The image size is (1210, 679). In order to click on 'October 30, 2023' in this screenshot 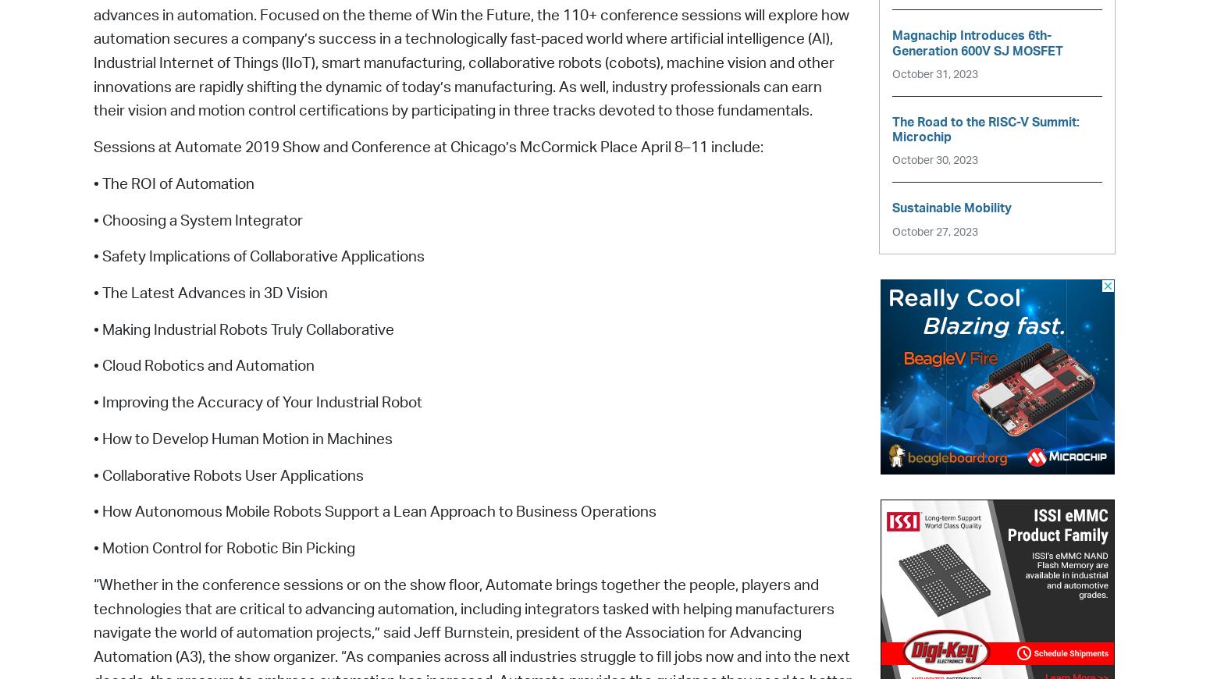, I will do `click(934, 159)`.